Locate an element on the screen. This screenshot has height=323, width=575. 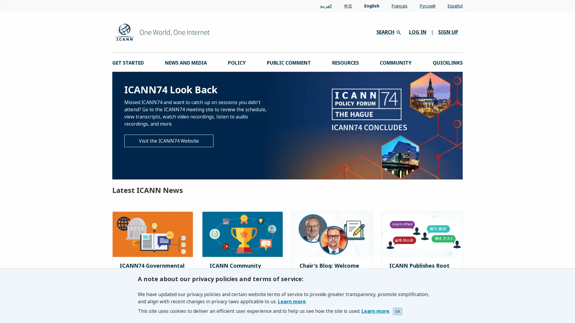
COMMUNITY is located at coordinates (395, 62).